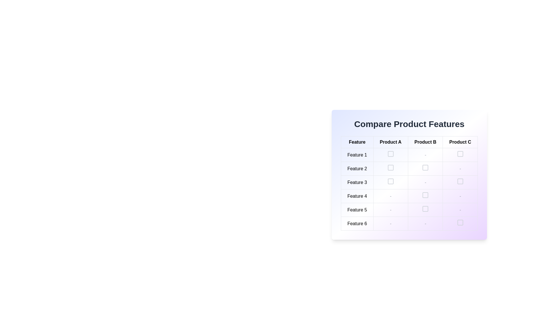 This screenshot has width=550, height=309. What do you see at coordinates (390, 168) in the screenshot?
I see `the selection checkbox for 'Feature 2' under 'Product A'` at bounding box center [390, 168].